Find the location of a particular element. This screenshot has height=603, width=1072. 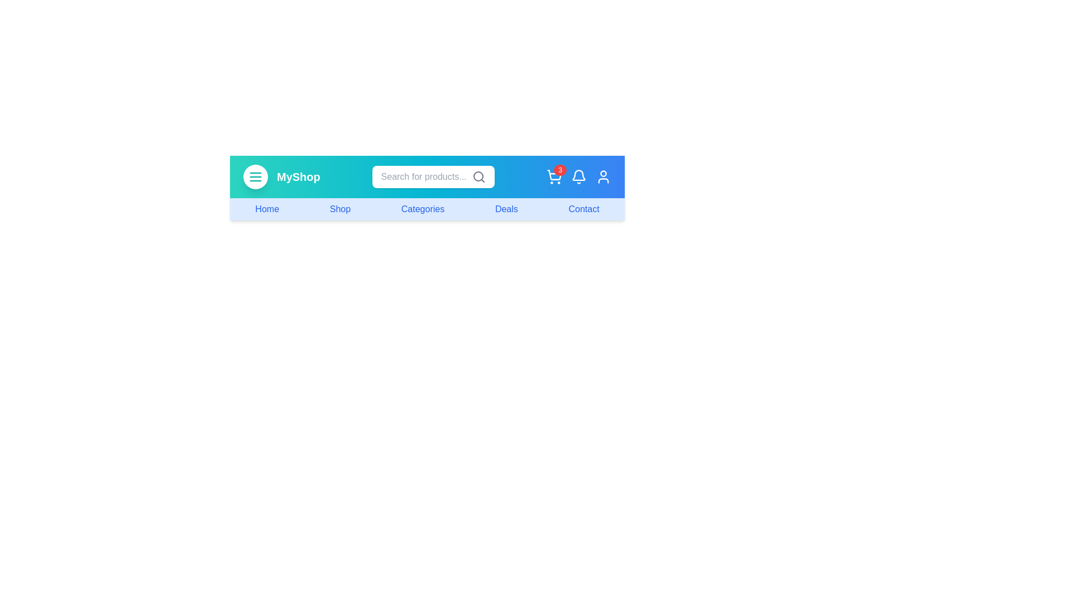

menu button to toggle the visibility of the navigation menu is located at coordinates (255, 176).